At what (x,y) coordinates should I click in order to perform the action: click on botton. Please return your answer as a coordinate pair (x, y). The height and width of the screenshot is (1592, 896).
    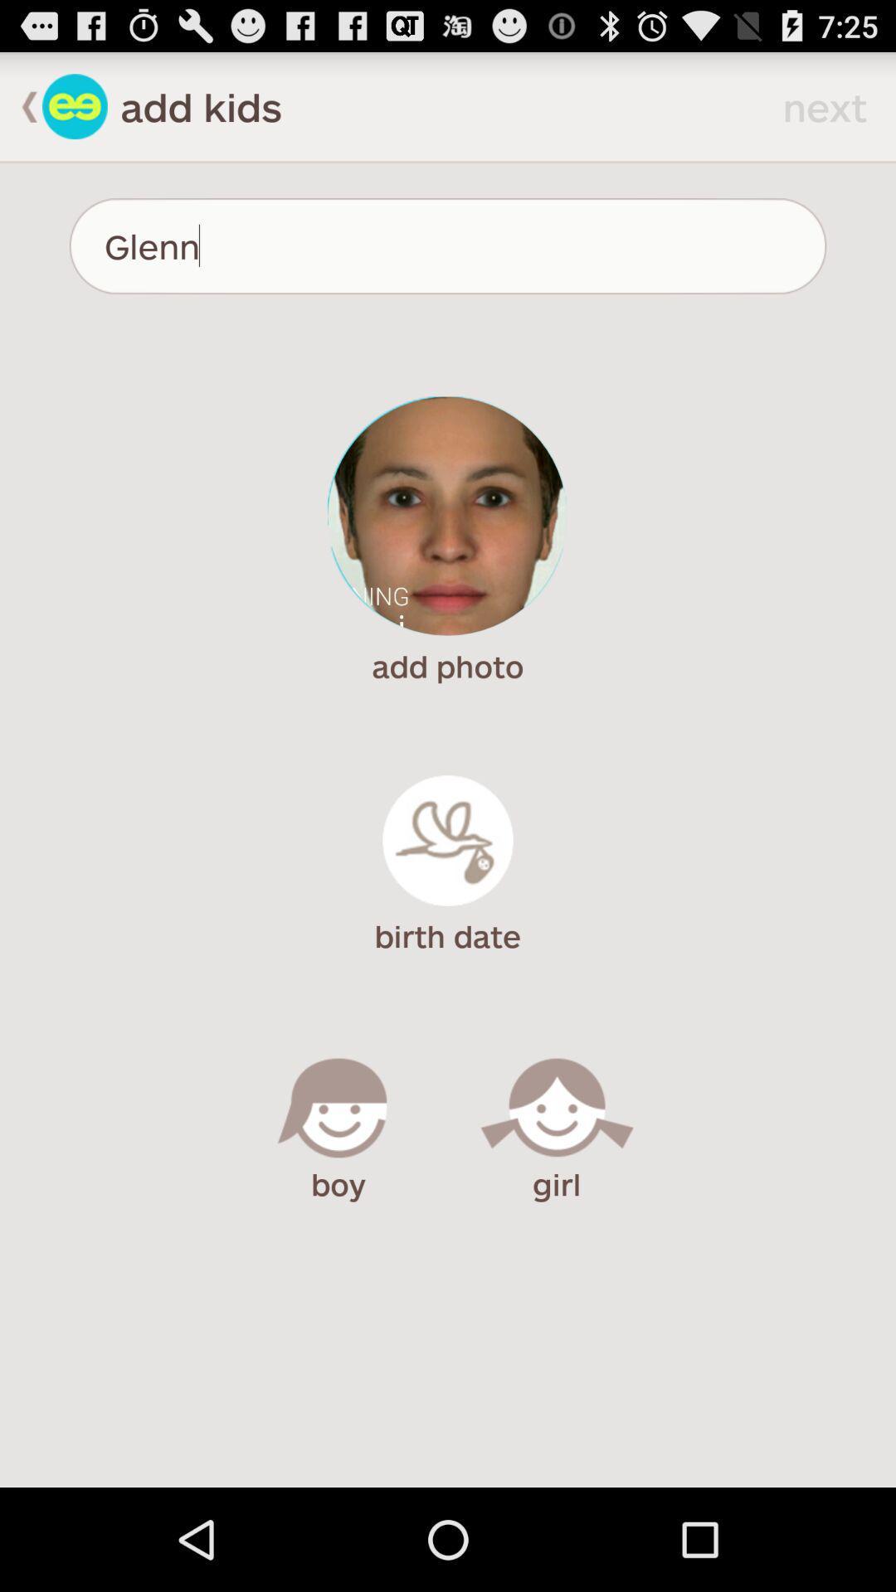
    Looking at the image, I should click on (75, 105).